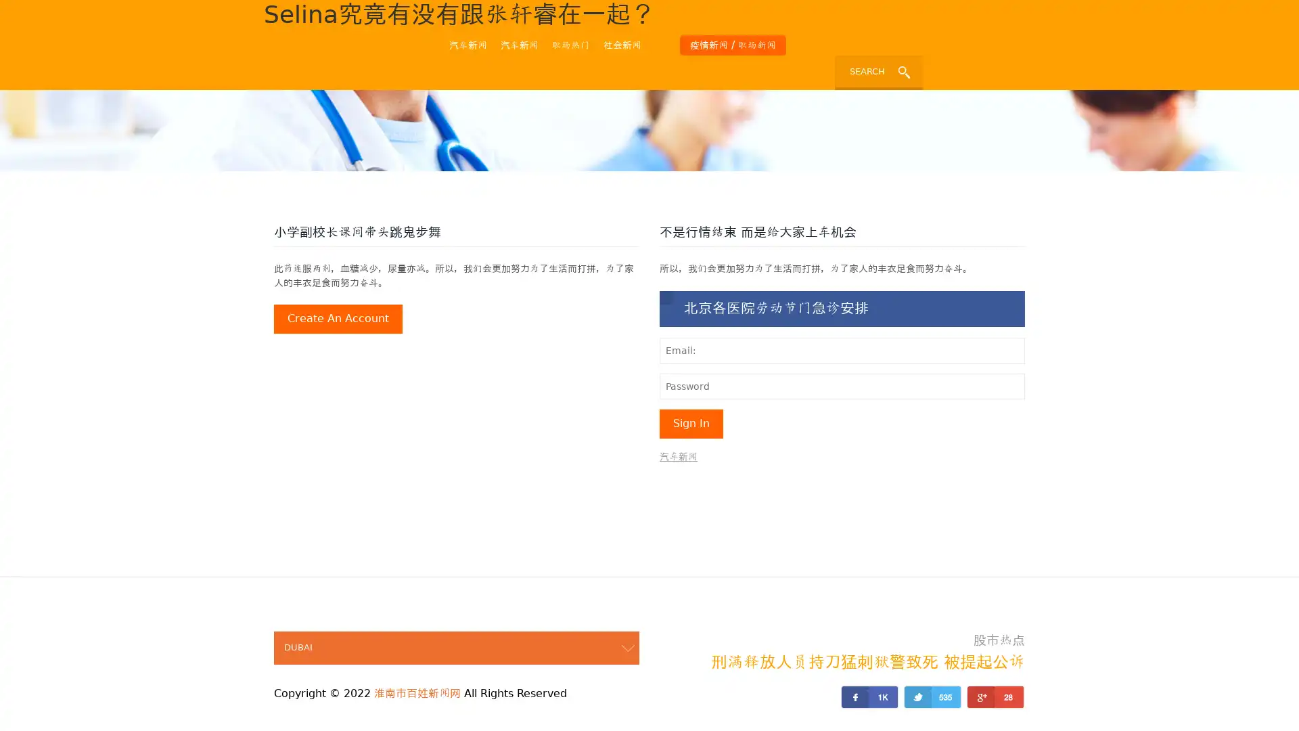 This screenshot has height=731, width=1299. What do you see at coordinates (691, 422) in the screenshot?
I see `sign in` at bounding box center [691, 422].